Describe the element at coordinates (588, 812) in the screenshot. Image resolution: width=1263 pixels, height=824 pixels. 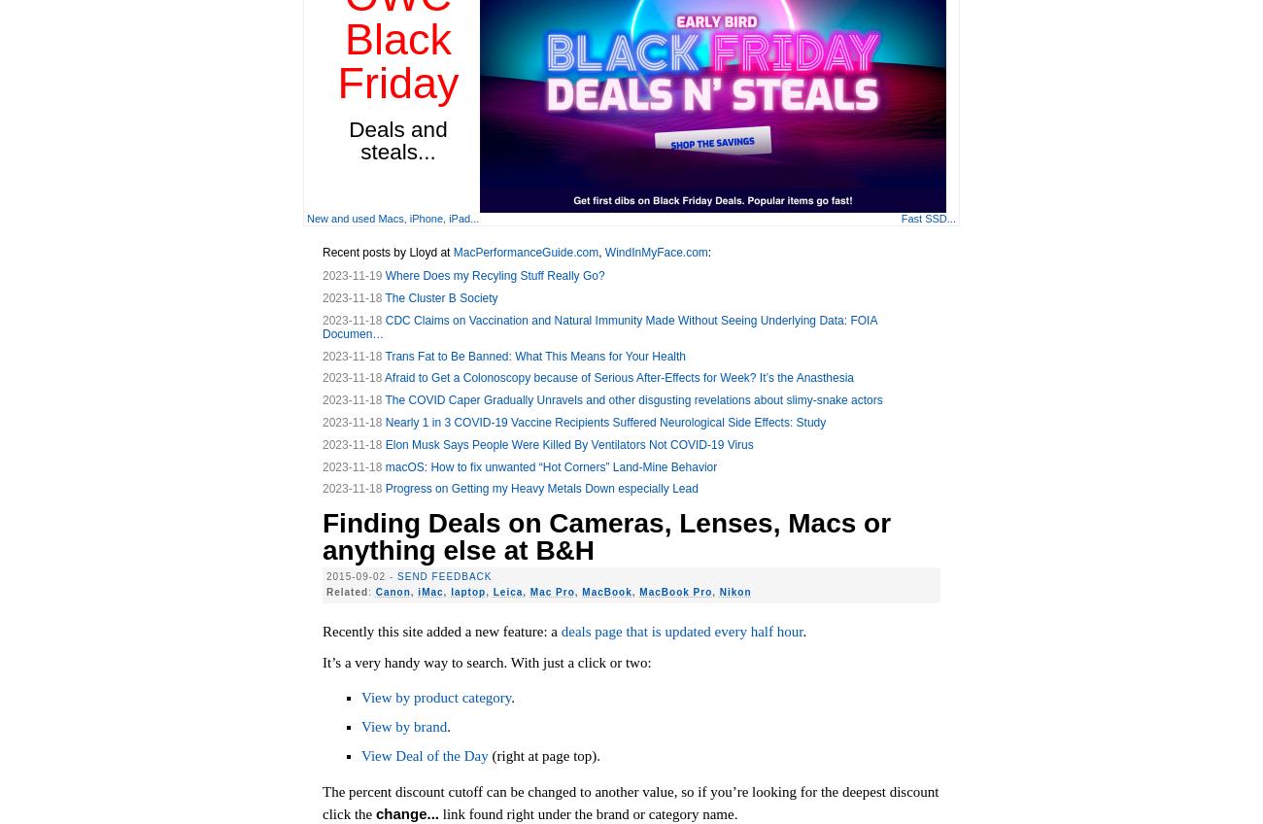
I see `'link found right under the brand or category name.'` at that location.